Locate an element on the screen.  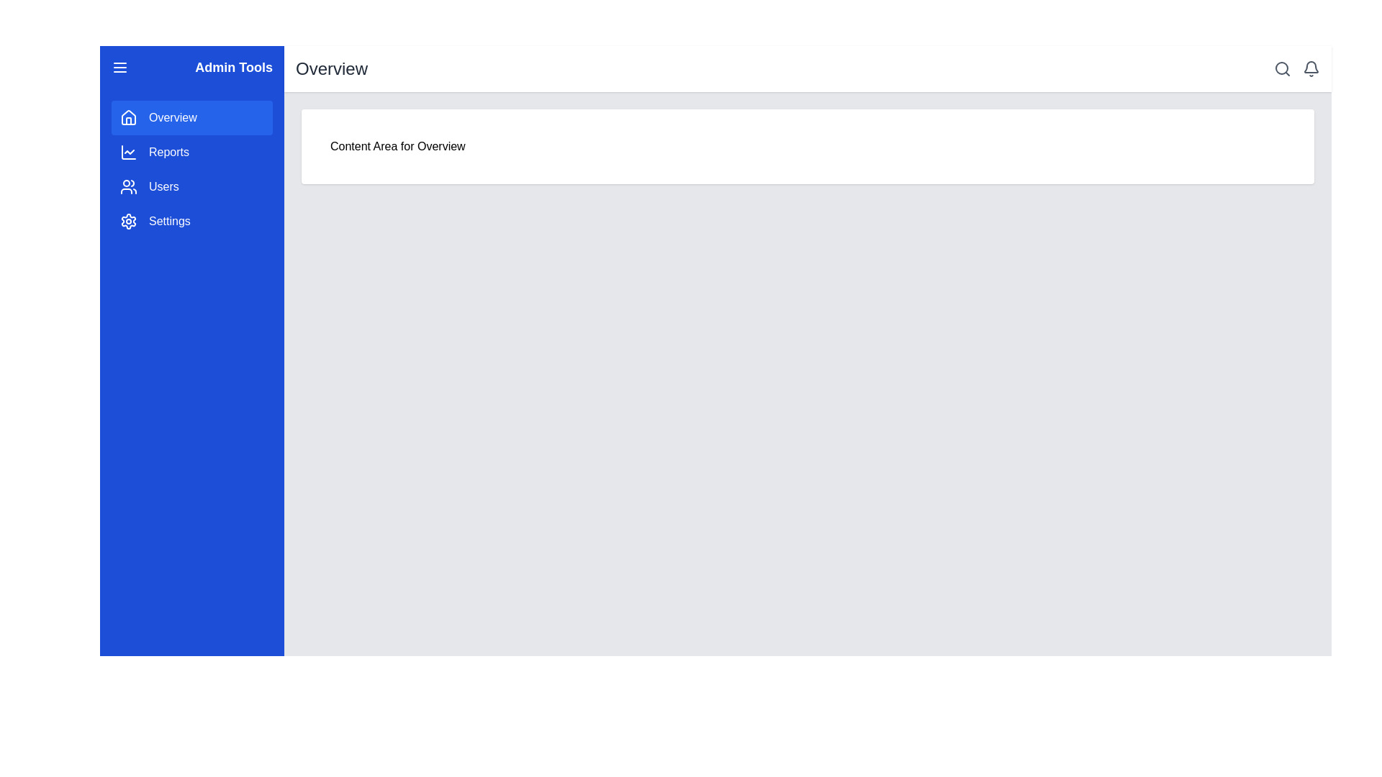
the 'Reports' icon in the left-side navigation menu, which is located directly to the left of the text label 'Reports', below 'Overview', and above 'Users' is located at coordinates (128, 153).